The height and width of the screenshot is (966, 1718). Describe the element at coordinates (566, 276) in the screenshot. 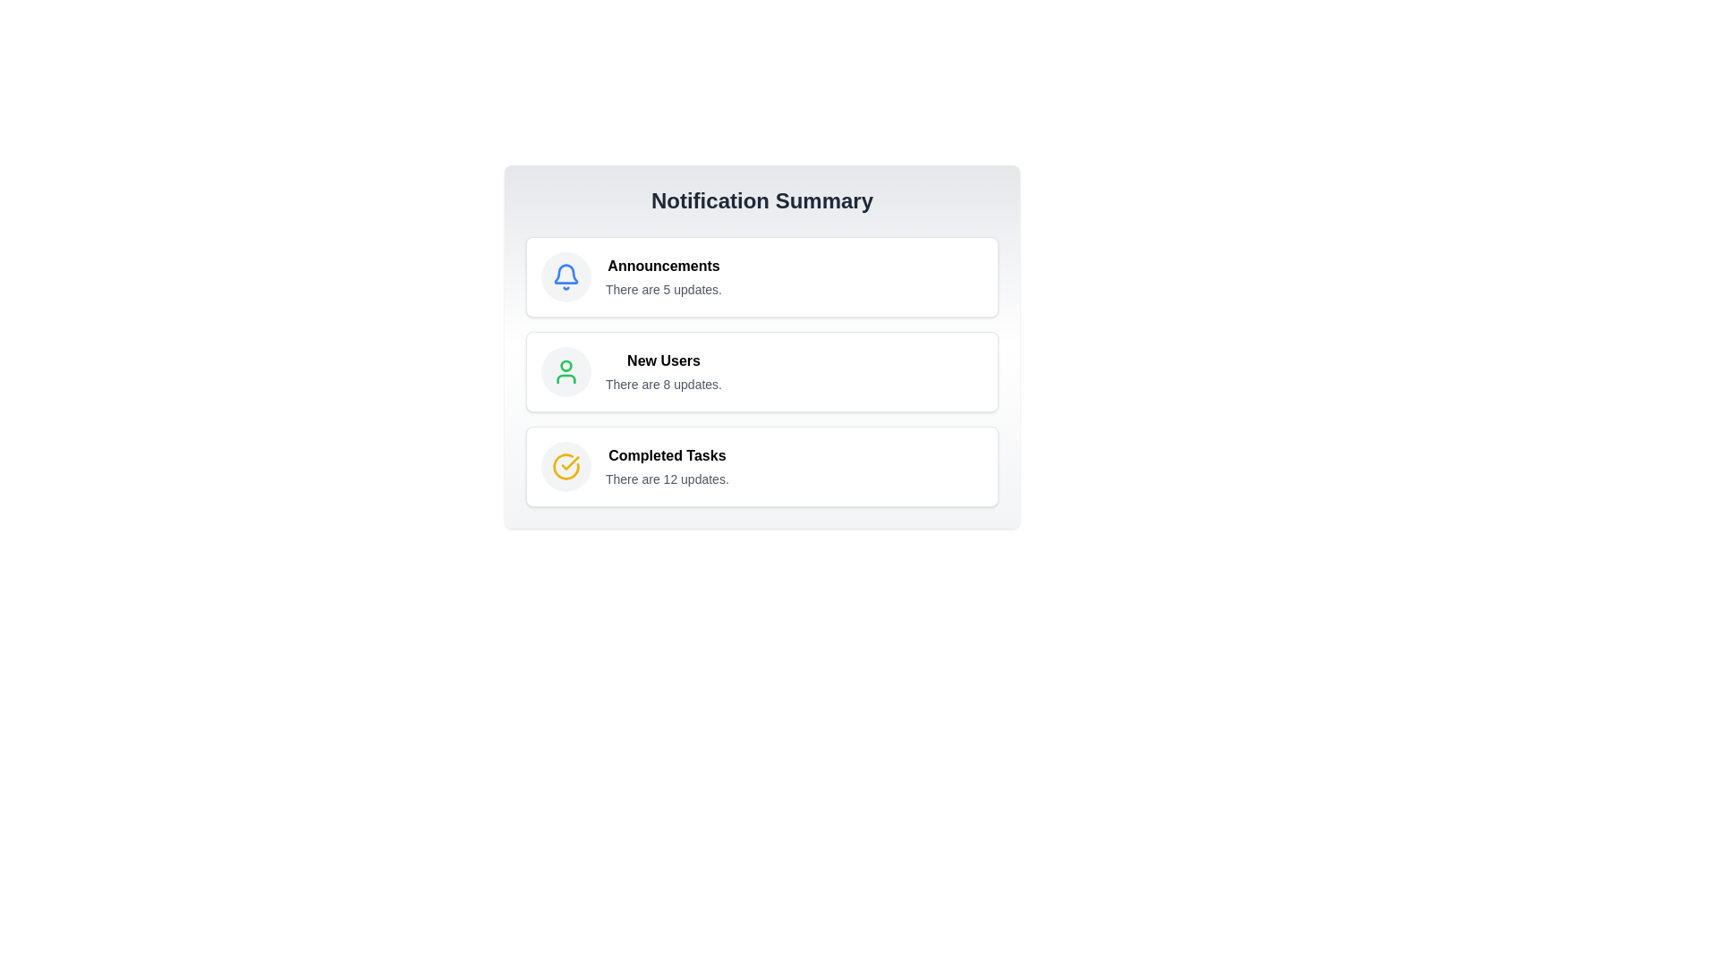

I see `the 'Announcements' icon located at the top-left corner of the 'Announcements' section in the 'Notification Summary' view, which represents notifications or updates` at that location.